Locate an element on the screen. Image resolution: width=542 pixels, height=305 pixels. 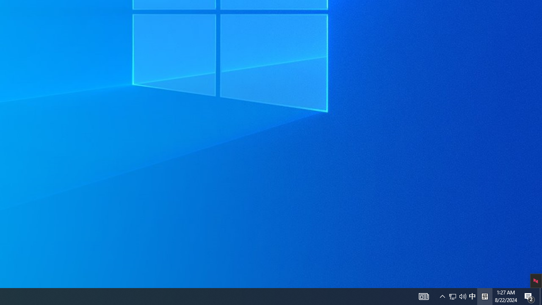
'Notification Chevron' is located at coordinates (462, 296).